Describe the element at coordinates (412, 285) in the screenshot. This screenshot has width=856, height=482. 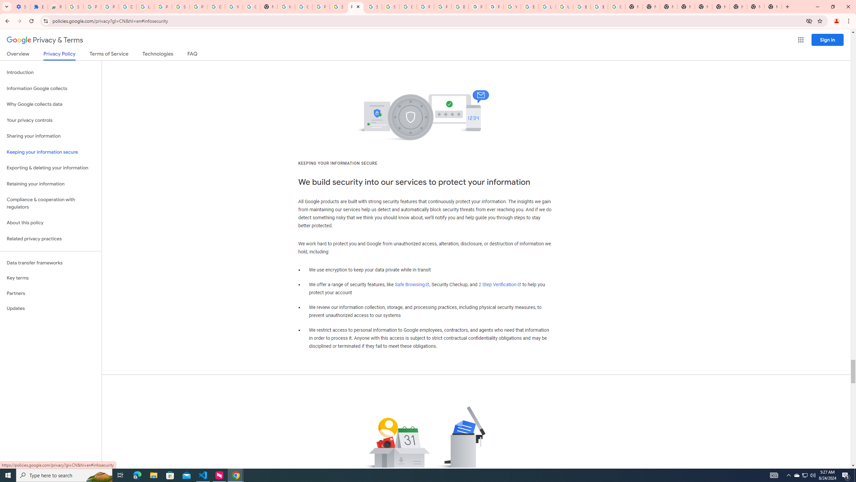
I see `'Safe Browsing'` at that location.